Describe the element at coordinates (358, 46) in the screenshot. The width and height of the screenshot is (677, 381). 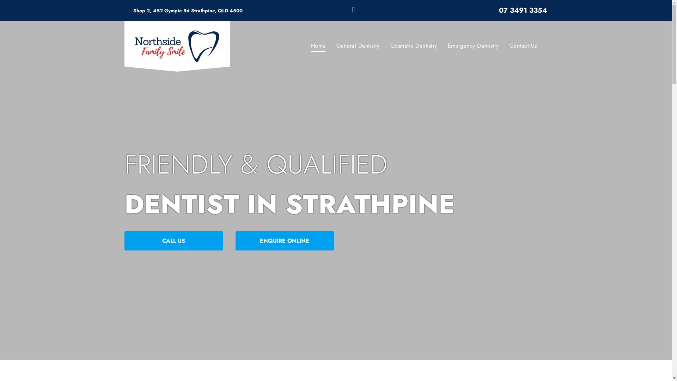
I see `'General Dentistry'` at that location.